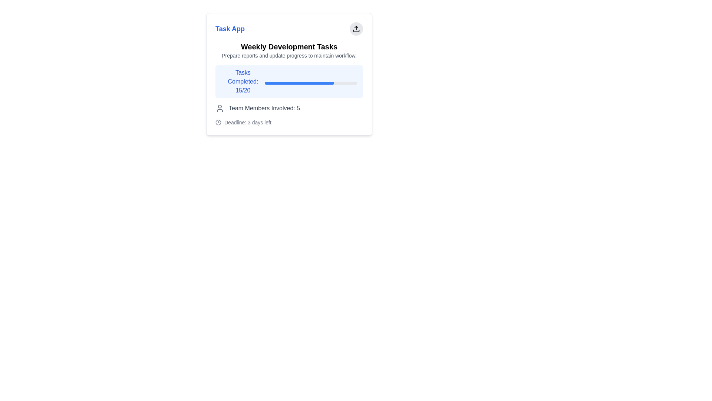 Image resolution: width=712 pixels, height=401 pixels. What do you see at coordinates (289, 47) in the screenshot?
I see `text from the Text Label located at the top center of its section, which summarizes the content or purpose of the enclosing section` at bounding box center [289, 47].